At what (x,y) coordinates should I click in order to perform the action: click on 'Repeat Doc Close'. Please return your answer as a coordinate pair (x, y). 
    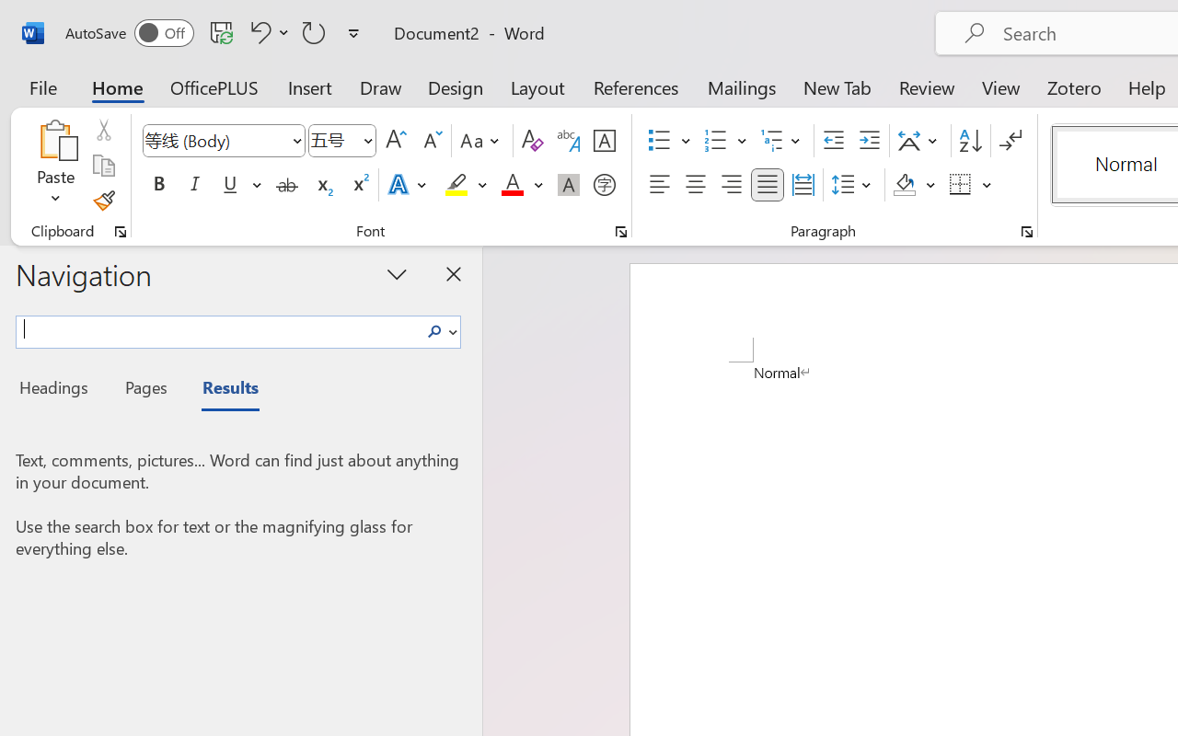
    Looking at the image, I should click on (314, 31).